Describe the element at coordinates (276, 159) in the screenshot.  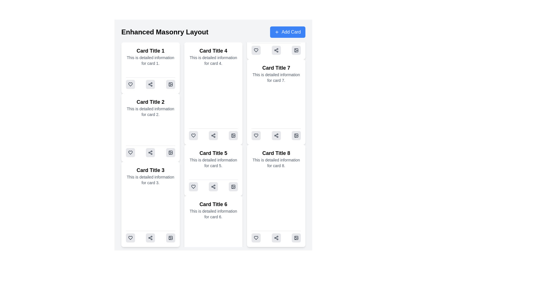
I see `text content displayed in the title and description of Card 8, located in the middle of the card in the last column of the second row of the masonry layout` at that location.